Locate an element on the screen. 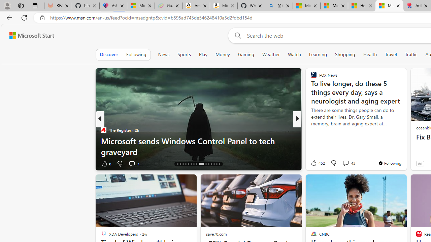  'AutomationID: tab-19' is located at coordinates (186, 164).